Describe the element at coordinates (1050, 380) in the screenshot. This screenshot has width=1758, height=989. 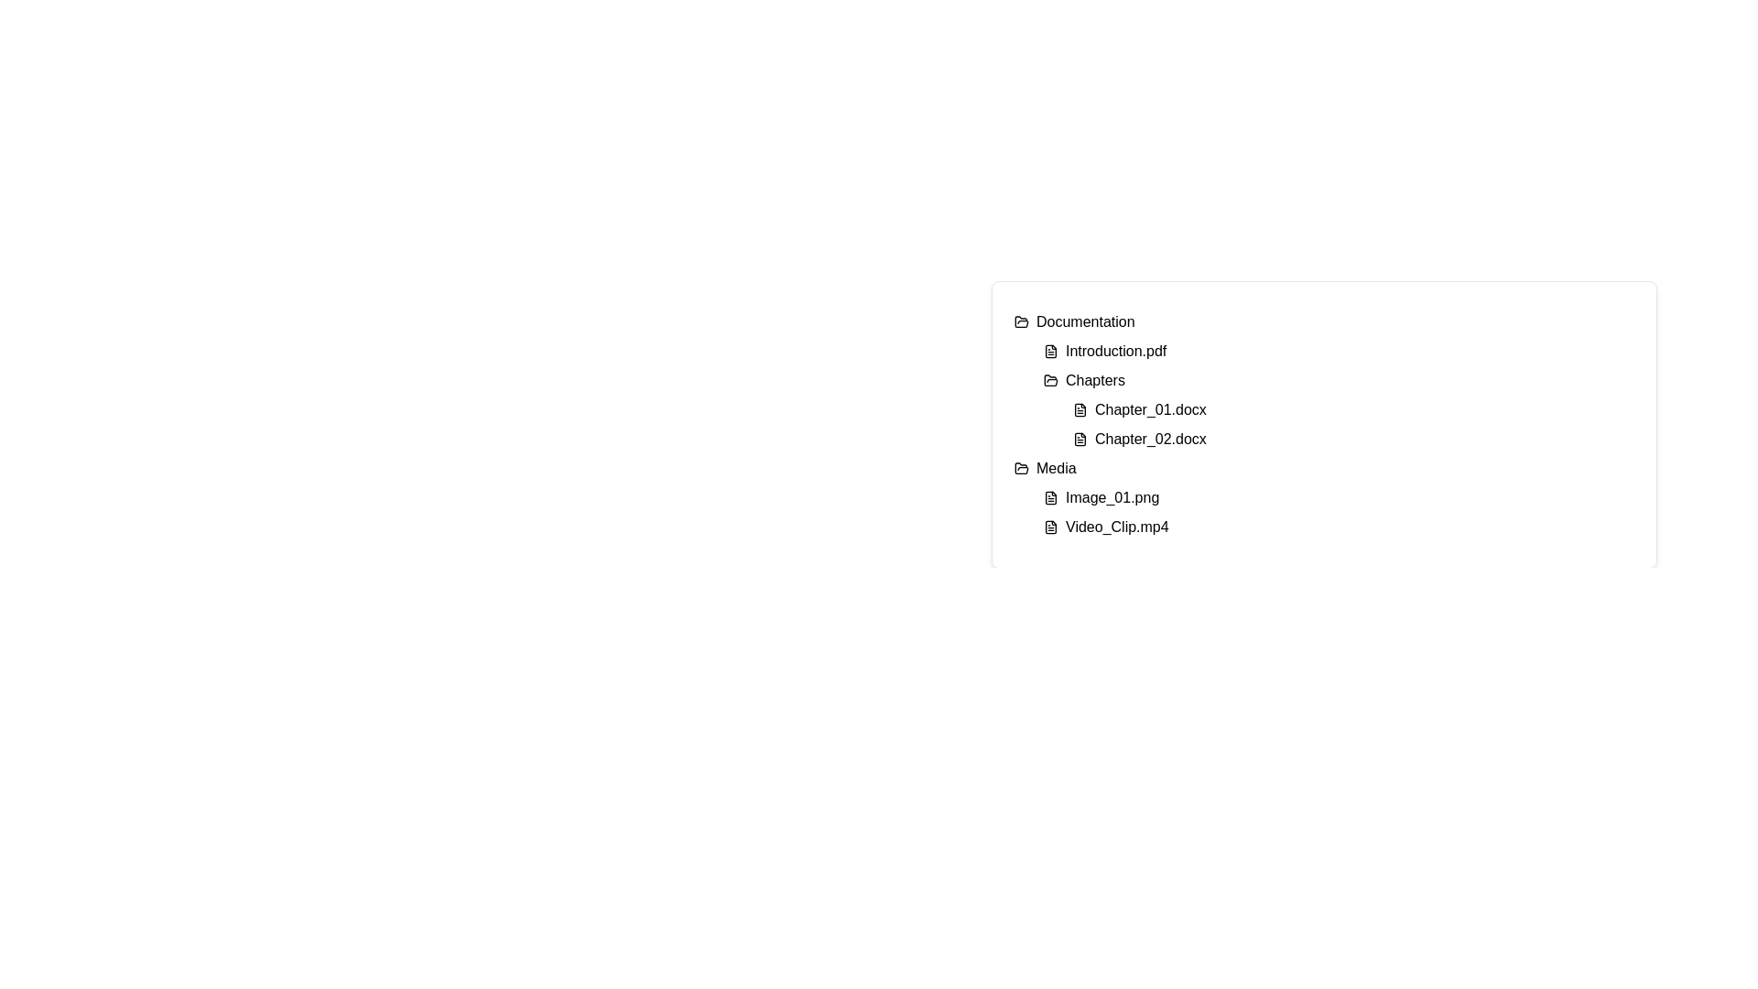
I see `the folder icon representing the 'Chapters' directory, located near the top-left of the content area next to the text 'Chapters'` at that location.